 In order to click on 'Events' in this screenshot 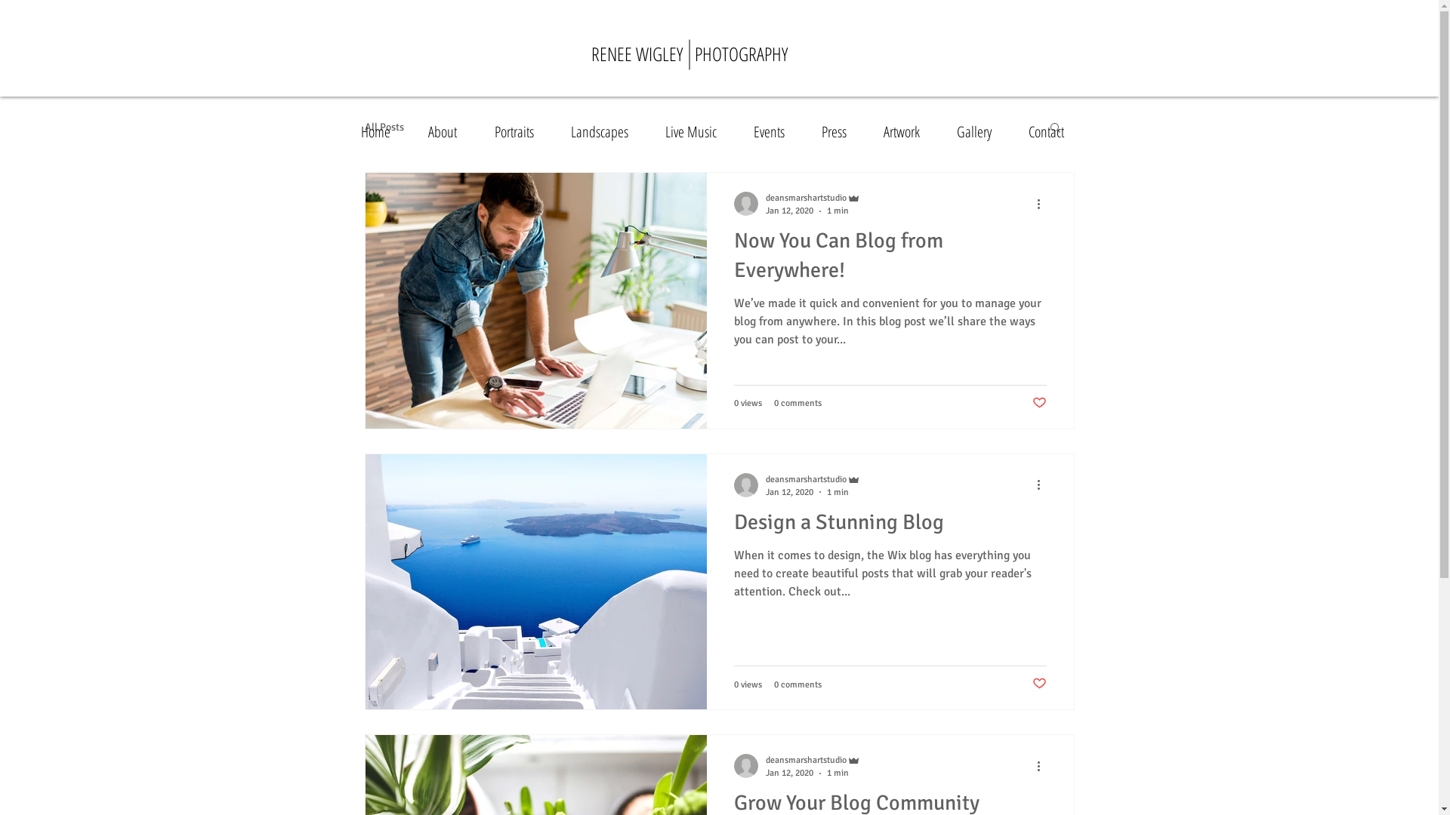, I will do `click(776, 131)`.